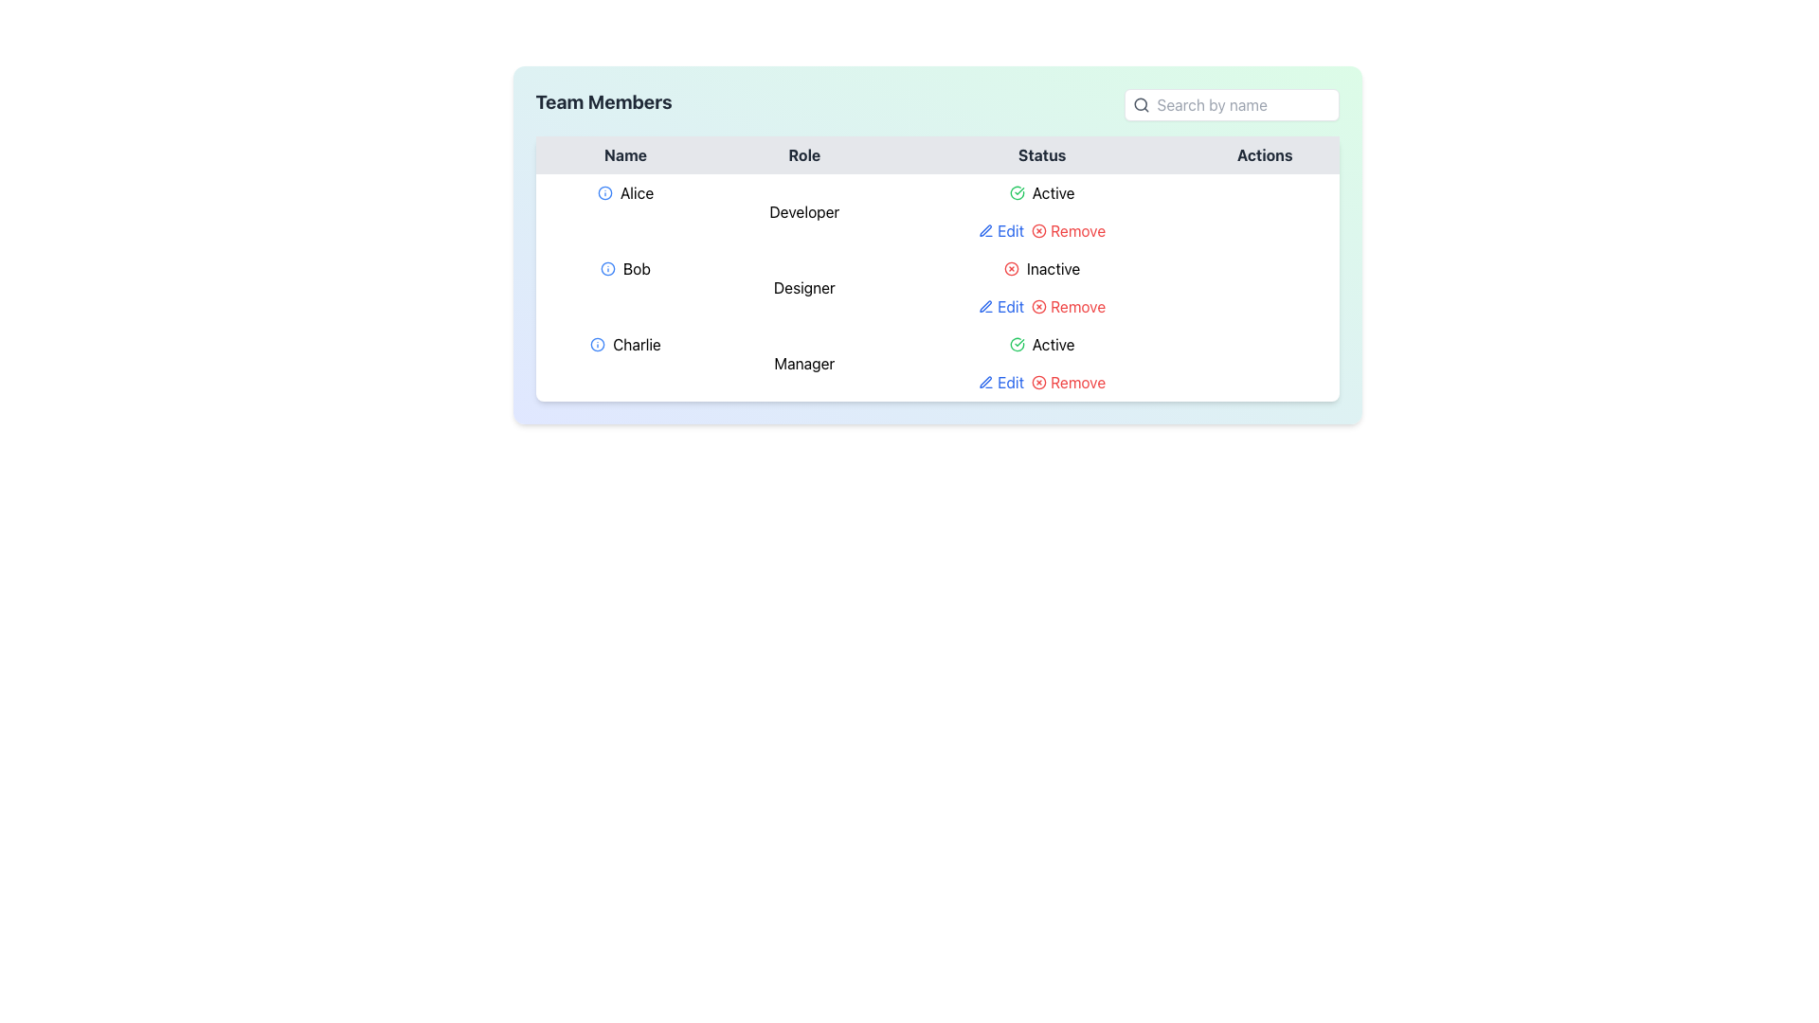 The height and width of the screenshot is (1023, 1819). What do you see at coordinates (1140, 105) in the screenshot?
I see `the search icon located in the upper right region of the interface, which indicates the search functionality of the accompanying input field` at bounding box center [1140, 105].